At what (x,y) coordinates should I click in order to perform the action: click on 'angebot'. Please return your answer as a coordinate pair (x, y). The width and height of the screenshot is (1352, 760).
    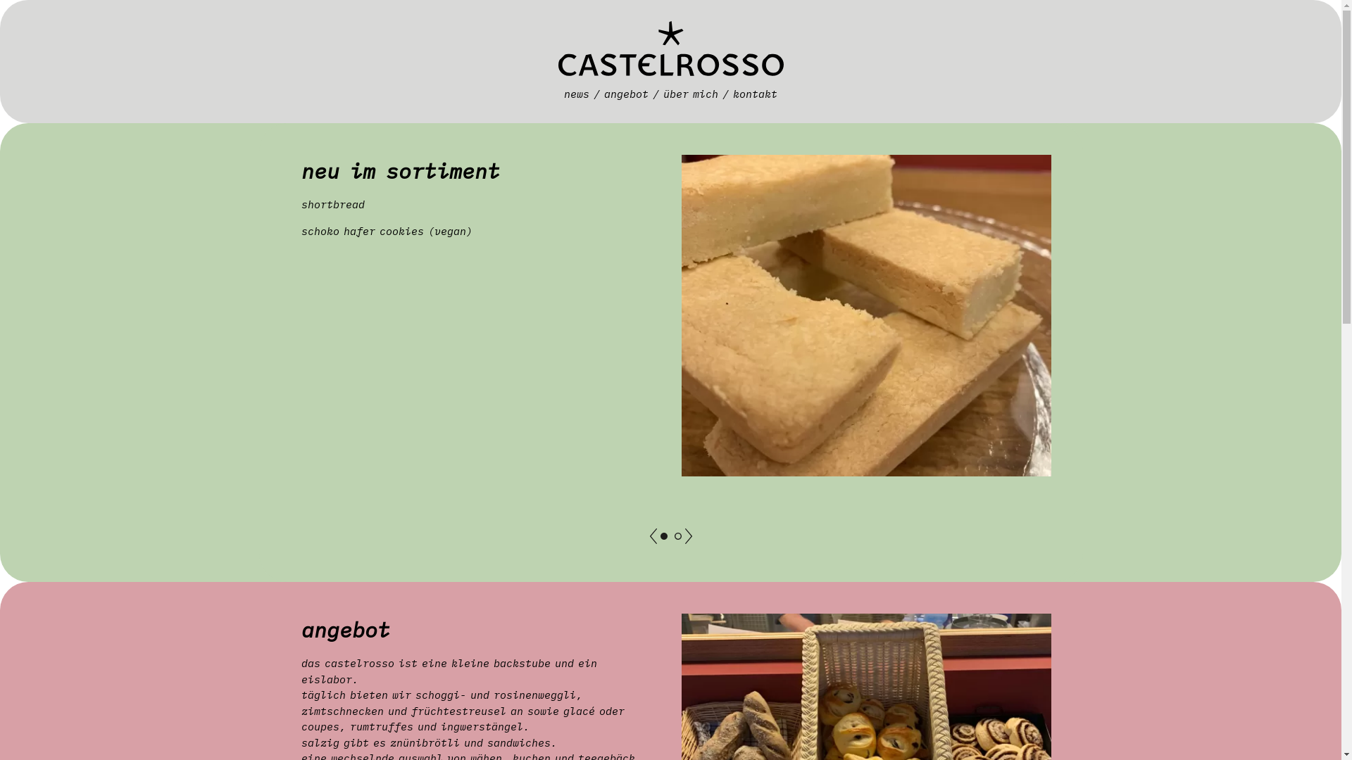
    Looking at the image, I should click on (625, 94).